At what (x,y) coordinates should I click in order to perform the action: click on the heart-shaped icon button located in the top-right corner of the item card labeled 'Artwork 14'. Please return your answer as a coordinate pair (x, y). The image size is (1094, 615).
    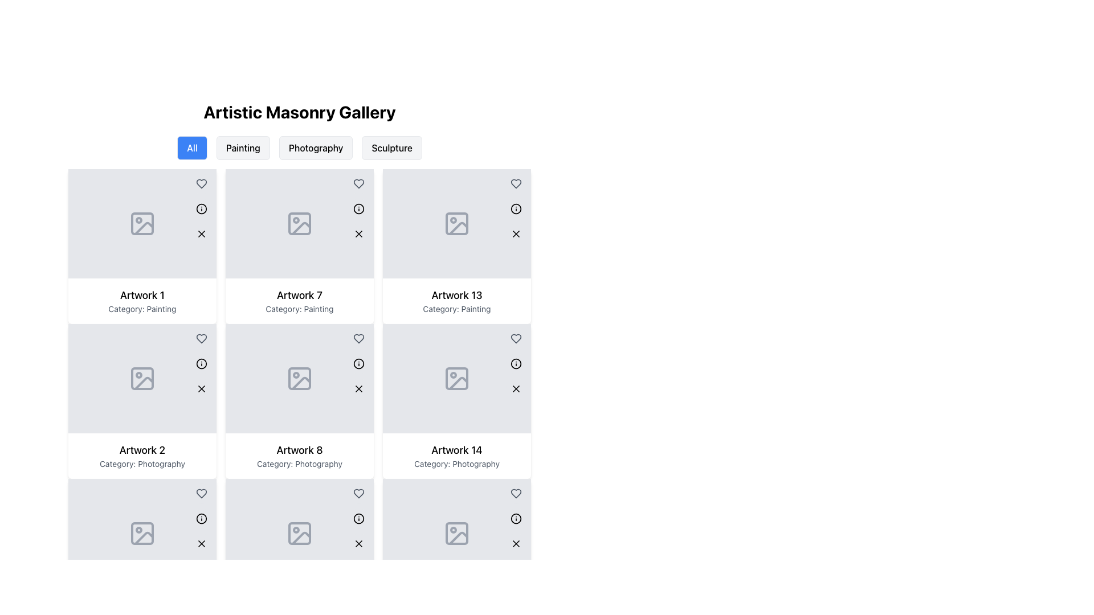
    Looking at the image, I should click on (516, 493).